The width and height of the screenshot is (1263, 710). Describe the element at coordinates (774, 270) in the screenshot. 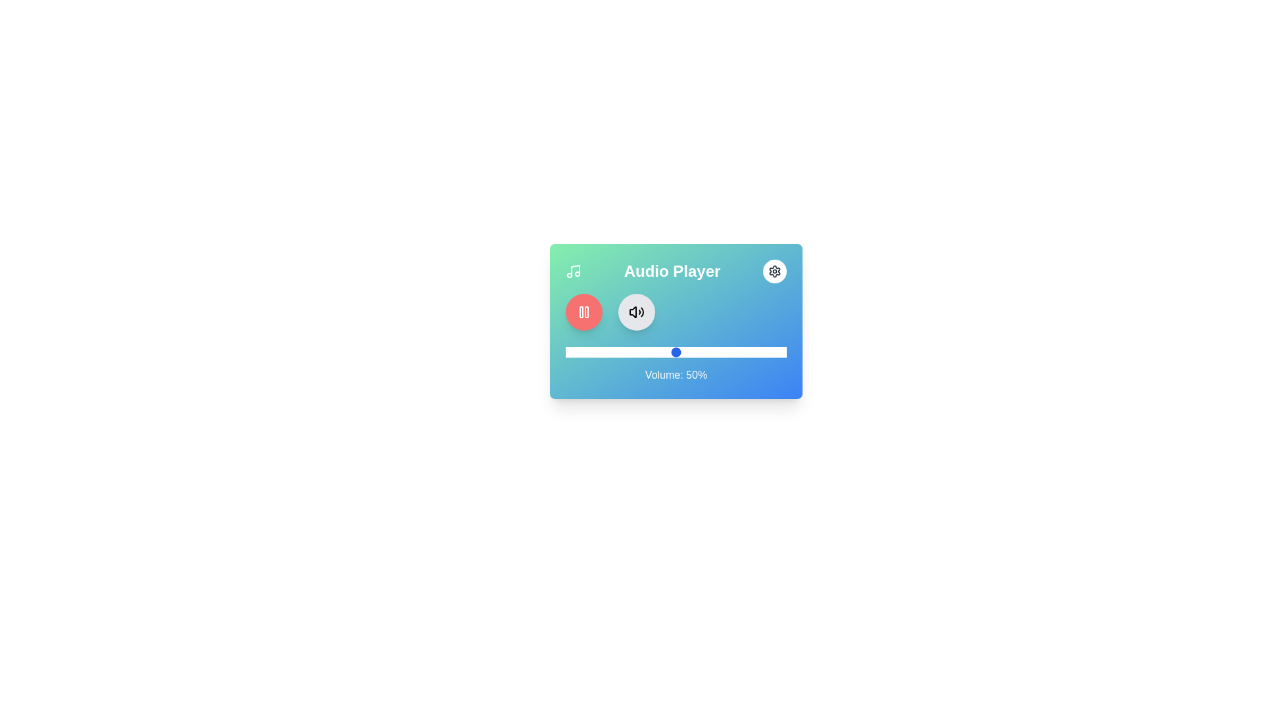

I see `the settings icon represented by a gear shape in the top-right corner of the audio player` at that location.